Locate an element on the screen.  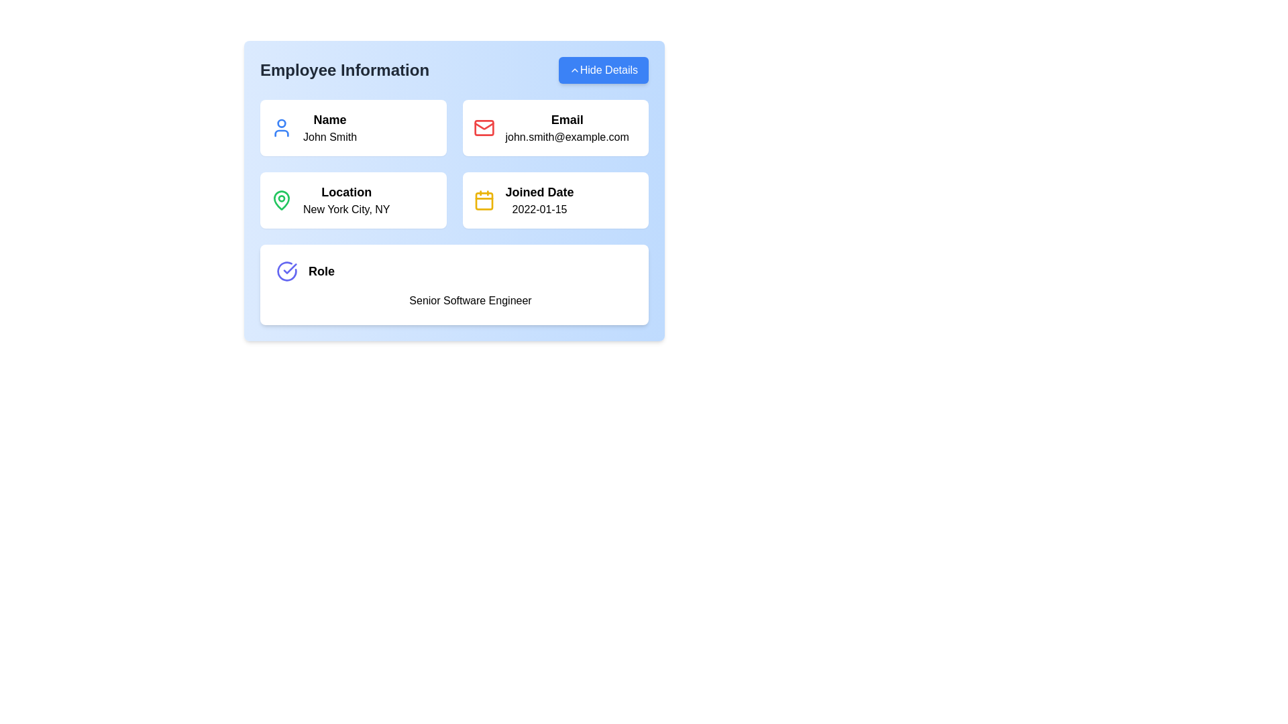
the chevron icon in the 'Hide Details' button located at the top-right corner of the 'Employee Information' card is located at coordinates (574, 70).